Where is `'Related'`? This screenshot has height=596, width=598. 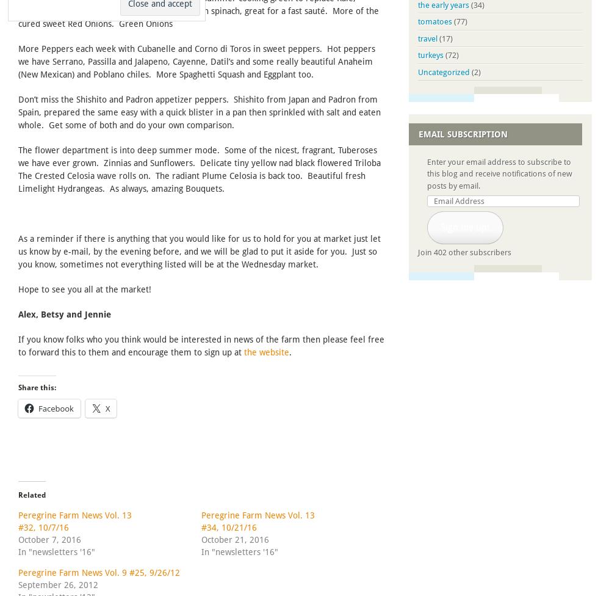 'Related' is located at coordinates (32, 495).